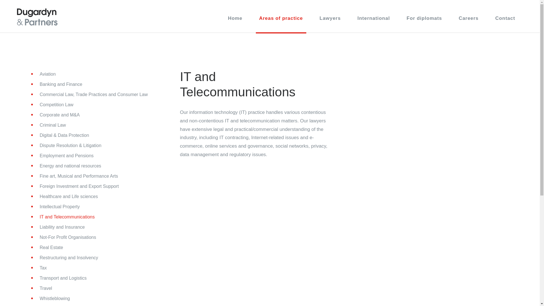 The image size is (544, 306). I want to click on 'International', so click(374, 20).